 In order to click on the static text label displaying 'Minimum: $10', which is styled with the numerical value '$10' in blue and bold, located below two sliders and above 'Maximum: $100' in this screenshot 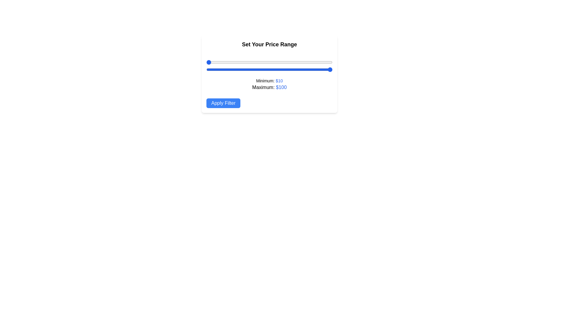, I will do `click(269, 80)`.